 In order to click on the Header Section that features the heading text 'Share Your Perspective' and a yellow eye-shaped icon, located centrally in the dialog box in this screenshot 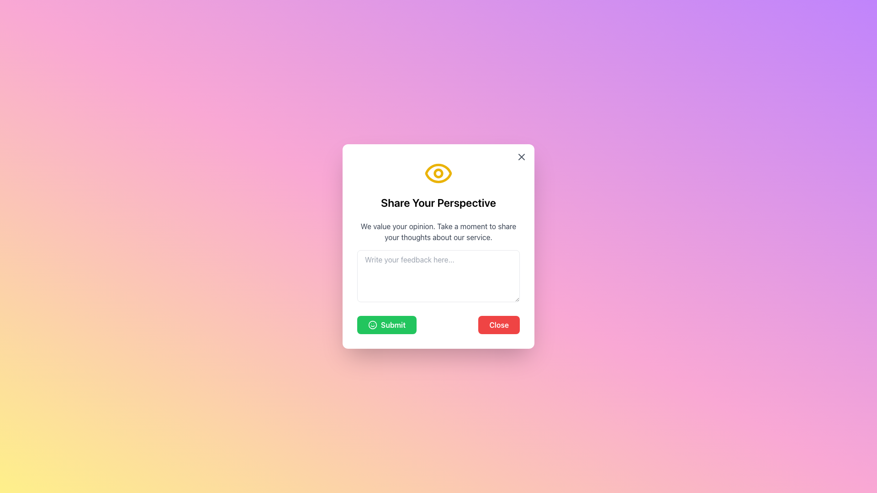, I will do `click(438, 184)`.